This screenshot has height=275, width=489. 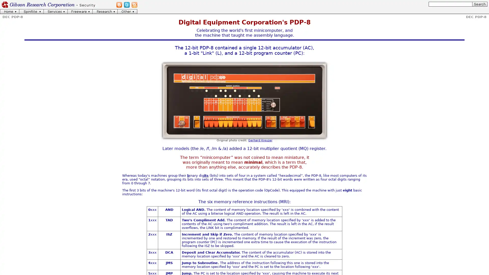 I want to click on [Search], so click(x=479, y=4).